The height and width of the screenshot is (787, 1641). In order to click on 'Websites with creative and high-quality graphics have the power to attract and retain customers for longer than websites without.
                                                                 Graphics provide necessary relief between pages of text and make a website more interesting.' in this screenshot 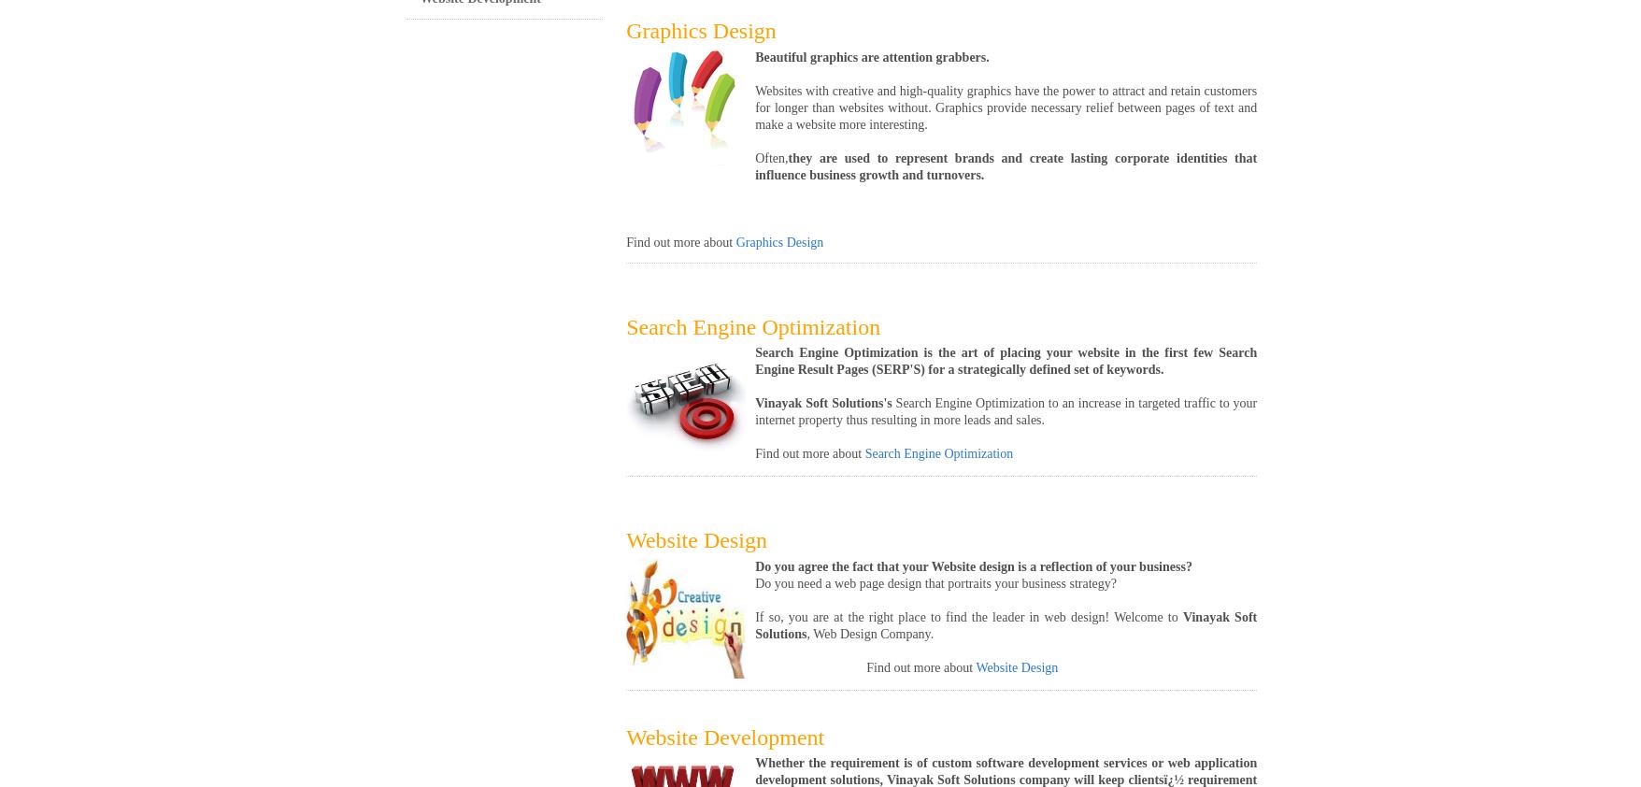, I will do `click(1005, 106)`.